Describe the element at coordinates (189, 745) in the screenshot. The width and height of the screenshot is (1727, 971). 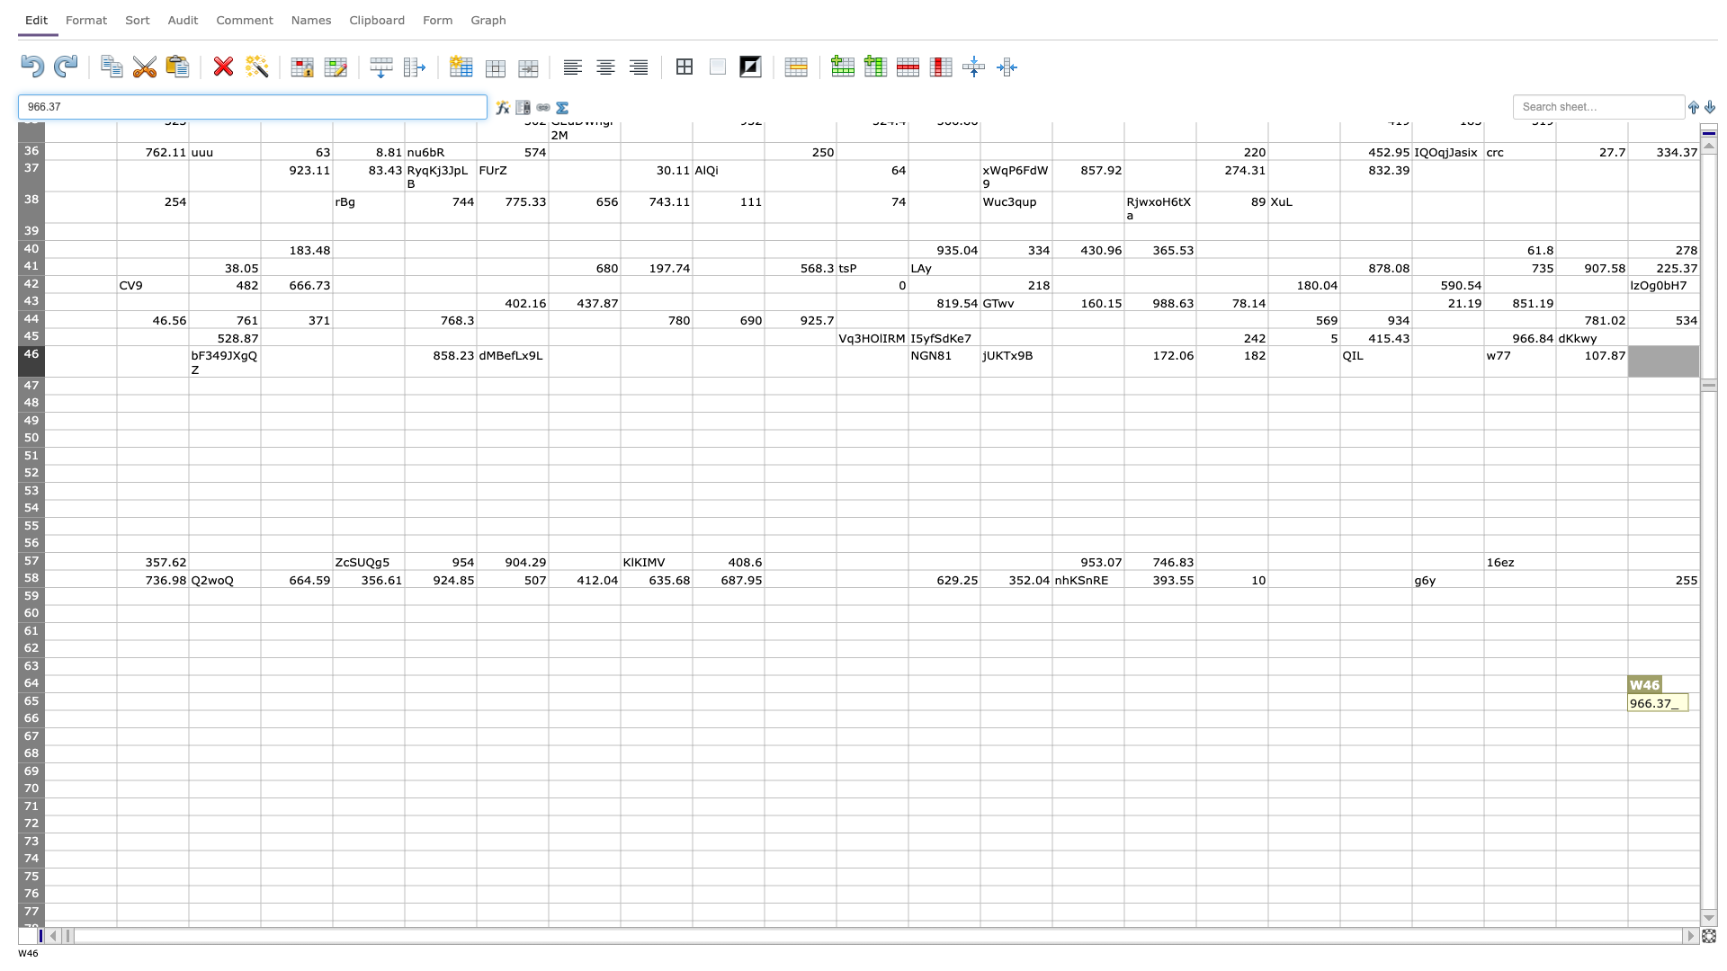
I see `bottom right corner of B67` at that location.